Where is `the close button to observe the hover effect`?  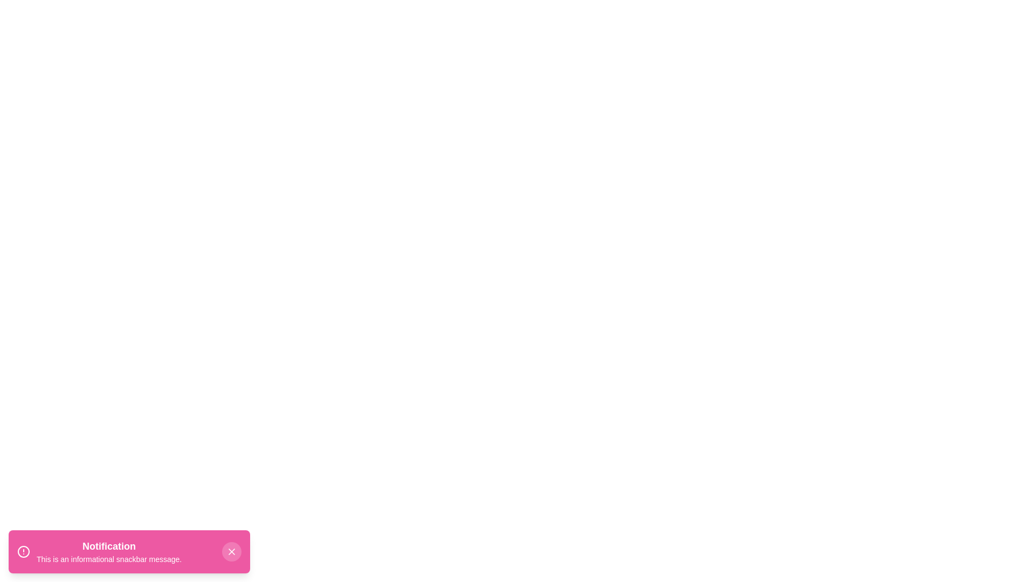 the close button to observe the hover effect is located at coordinates (231, 551).